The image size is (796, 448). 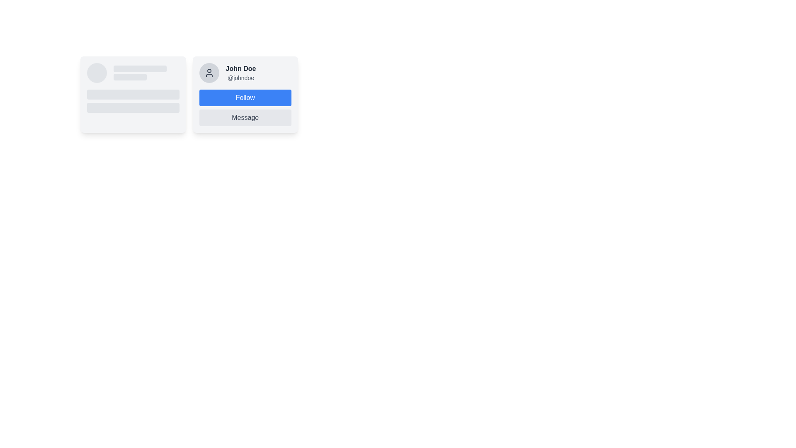 I want to click on the static text label displaying the name 'John Doe' which is positioned at the top of the profile card, so click(x=240, y=68).